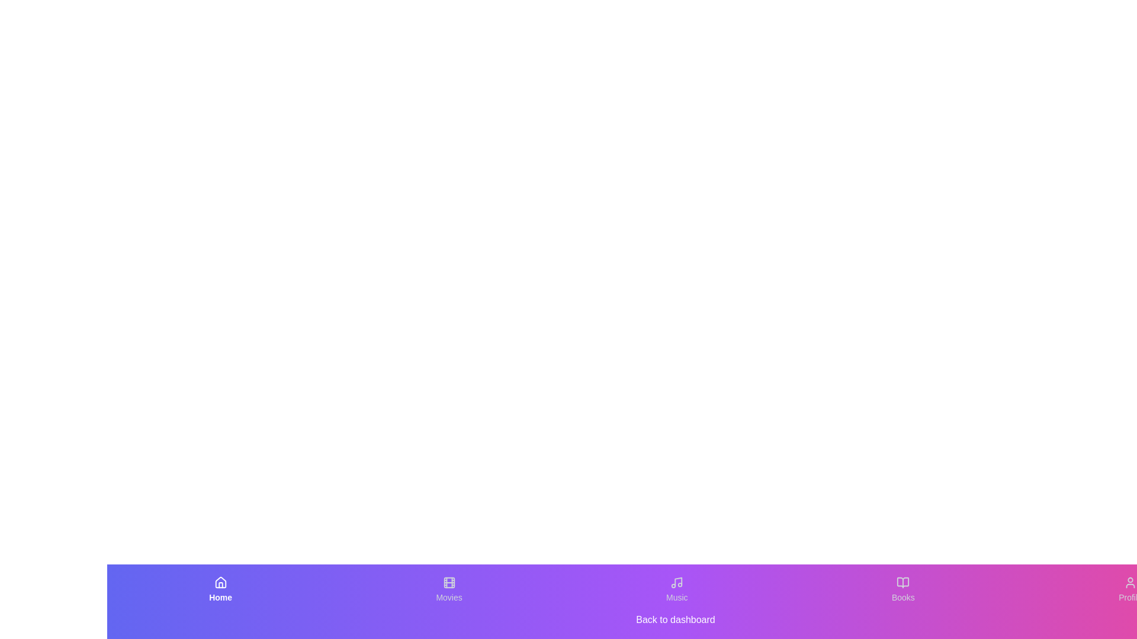 This screenshot has height=639, width=1137. Describe the element at coordinates (1130, 589) in the screenshot. I see `the Profile tab from the navigation bar` at that location.